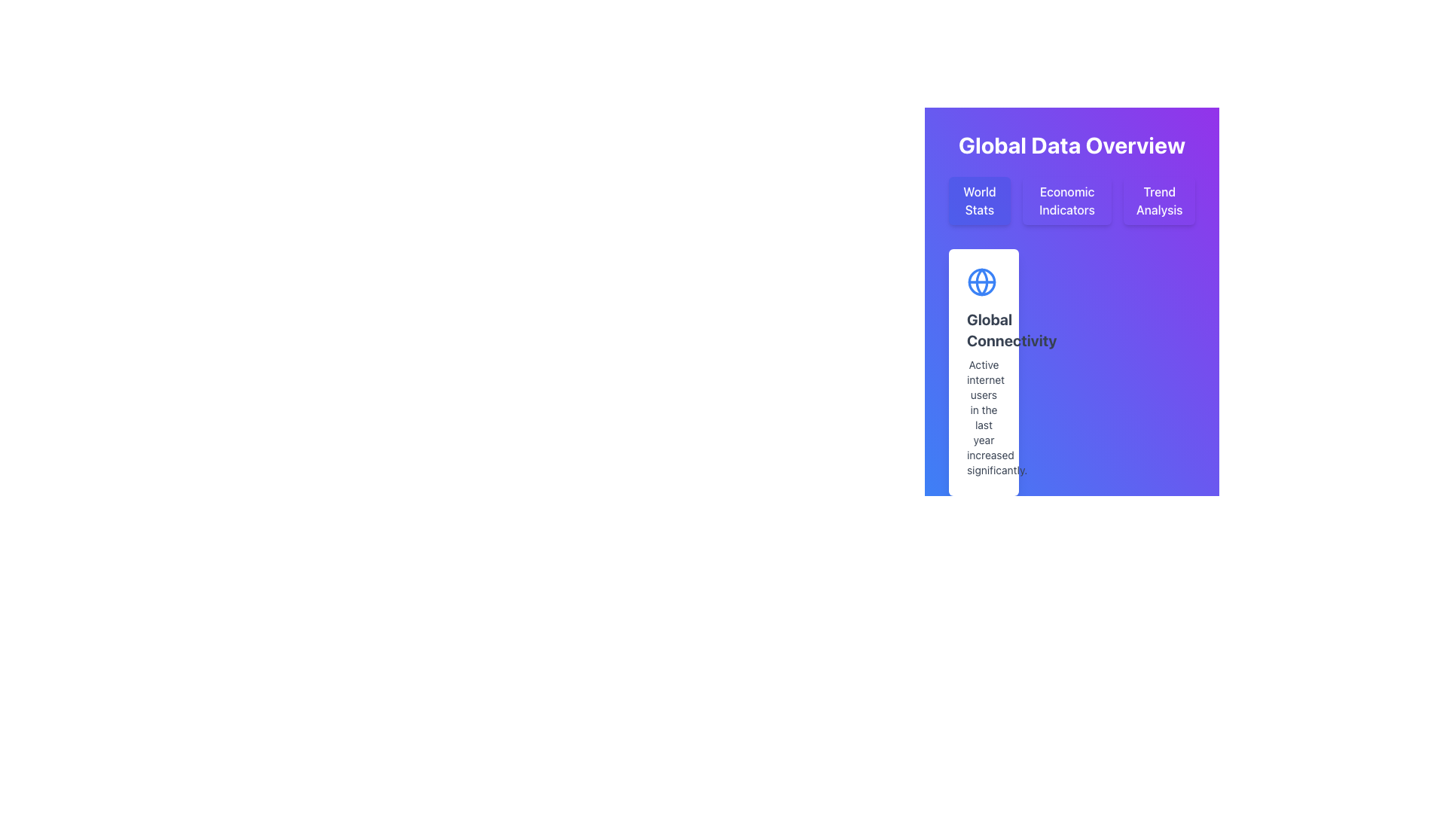 The height and width of the screenshot is (813, 1446). What do you see at coordinates (1071, 199) in the screenshot?
I see `the 'Economic Indicators' button, which is the second button in a group of three, to change its styling` at bounding box center [1071, 199].